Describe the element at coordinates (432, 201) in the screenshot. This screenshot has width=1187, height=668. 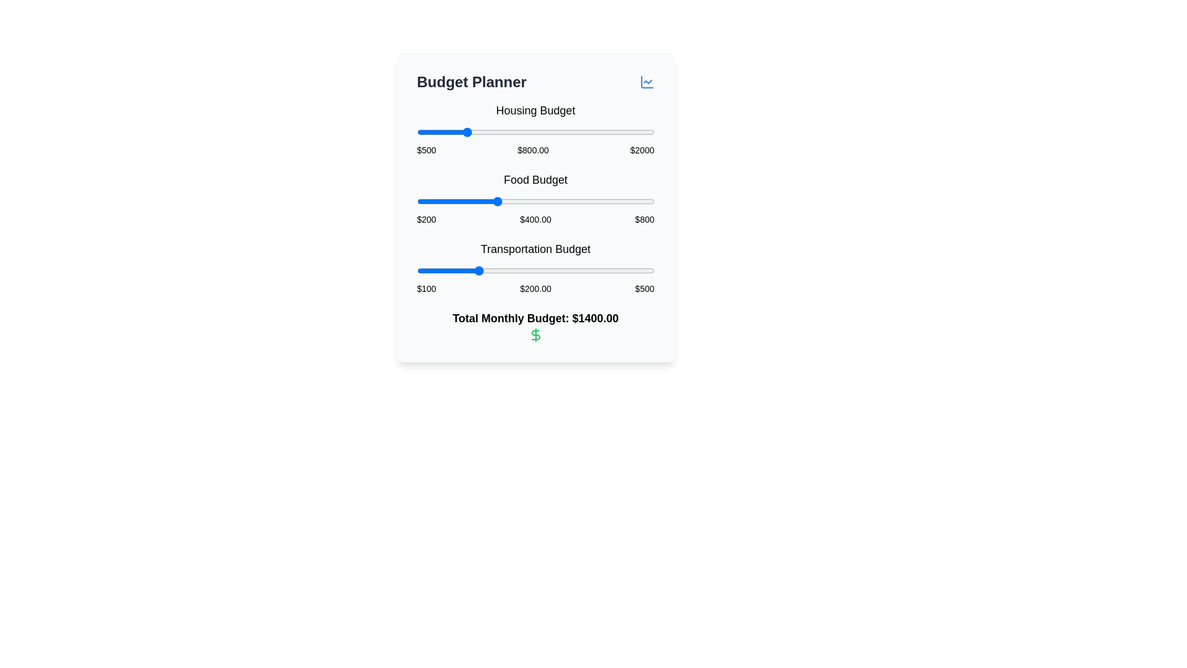
I see `the Food Budget slider` at that location.